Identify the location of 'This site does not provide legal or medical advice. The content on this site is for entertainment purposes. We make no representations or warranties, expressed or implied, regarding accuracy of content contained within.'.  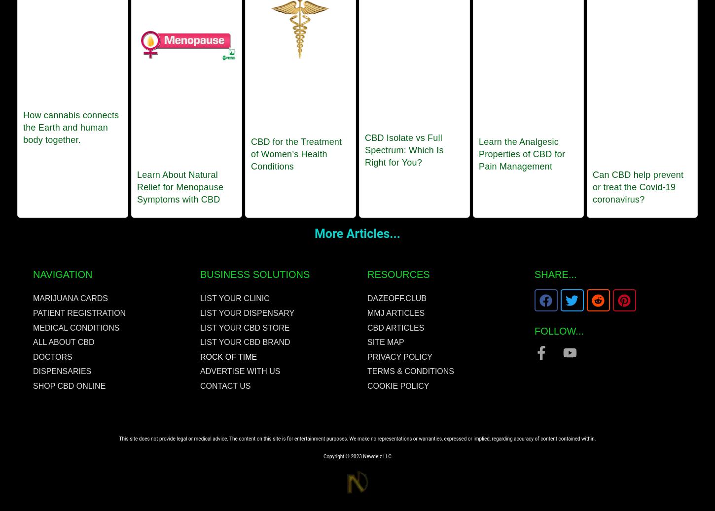
(118, 438).